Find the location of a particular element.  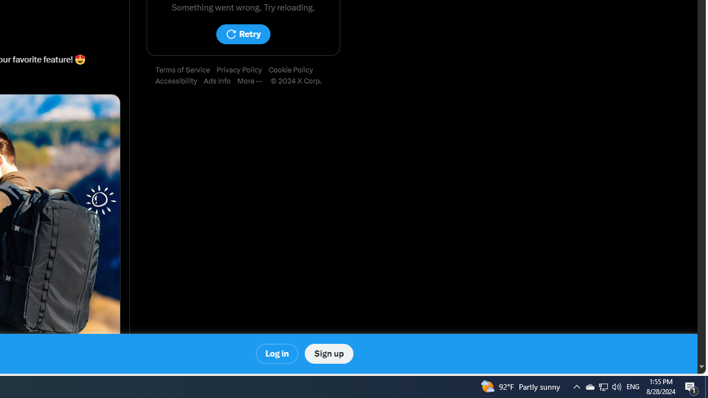

'Privacy Policy' is located at coordinates (242, 70).